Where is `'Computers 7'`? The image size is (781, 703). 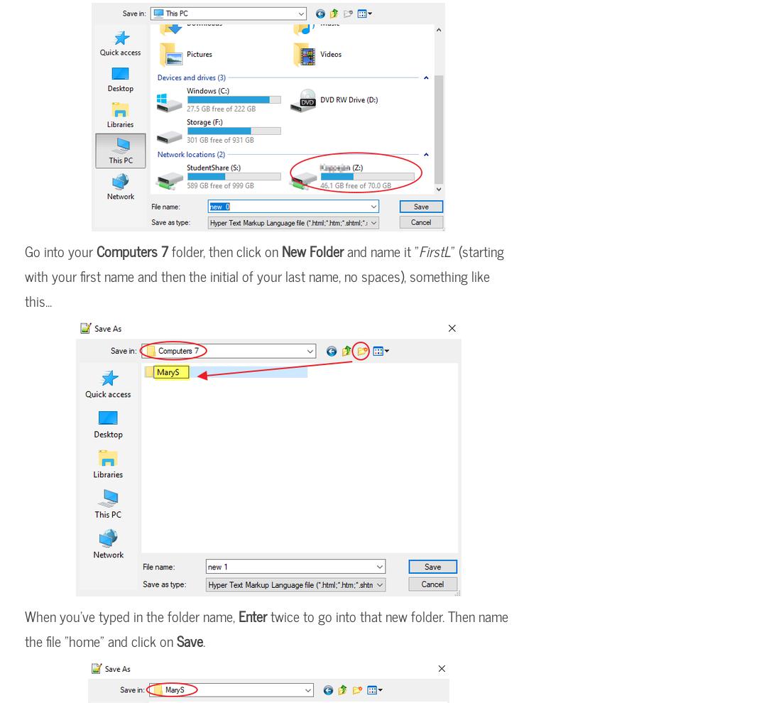
'Computers 7' is located at coordinates (131, 251).